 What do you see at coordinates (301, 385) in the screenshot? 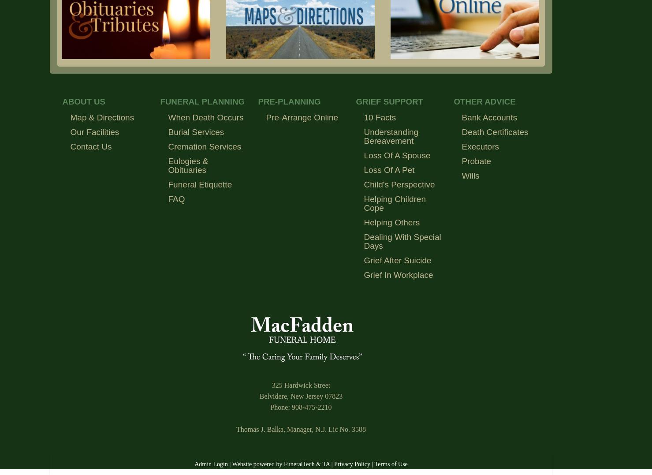
I see `'325 Hardwick Street'` at bounding box center [301, 385].